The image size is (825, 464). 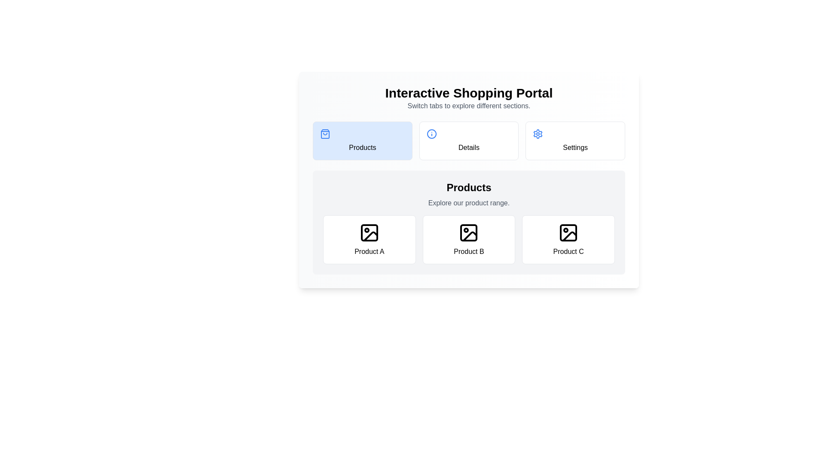 I want to click on the Details tab, so click(x=468, y=140).